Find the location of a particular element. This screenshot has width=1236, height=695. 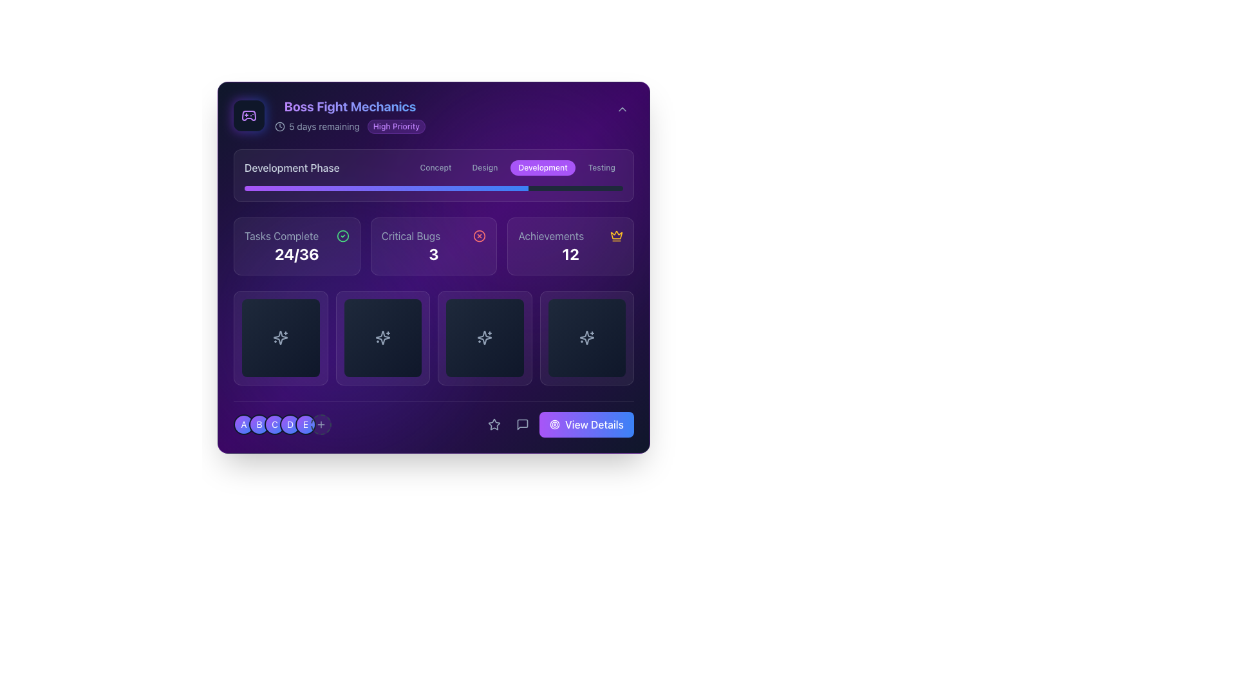

the critical bugs summary card, which is the second card in a row of three cards in a grid layout, located between the 'Tasks Complete' card and the 'Achievements' card is located at coordinates (433, 246).